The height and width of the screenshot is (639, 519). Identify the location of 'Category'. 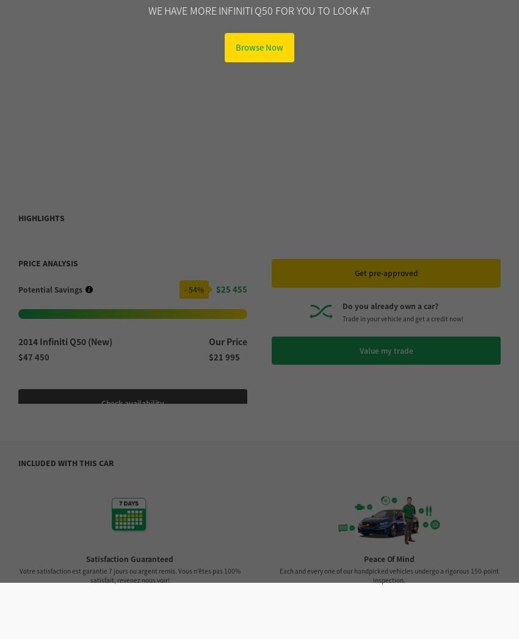
(237, 553).